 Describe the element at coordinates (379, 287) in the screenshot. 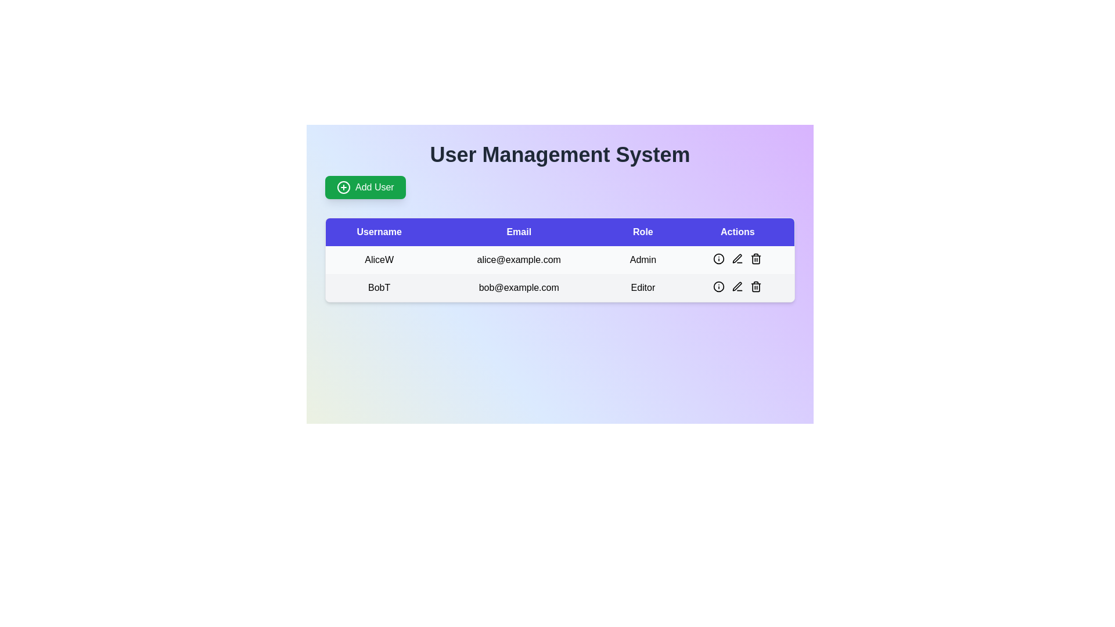

I see `the static text label identifying the user as 'BobT', located in the first cell of the second row under the 'Username' column` at that location.